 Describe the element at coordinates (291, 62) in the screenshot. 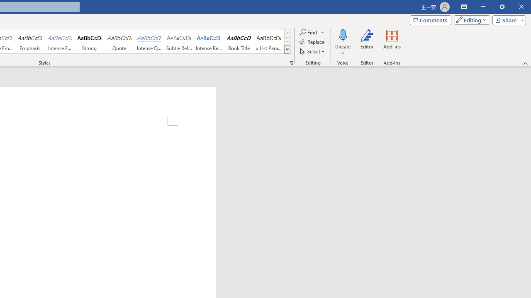

I see `'Styles...'` at that location.